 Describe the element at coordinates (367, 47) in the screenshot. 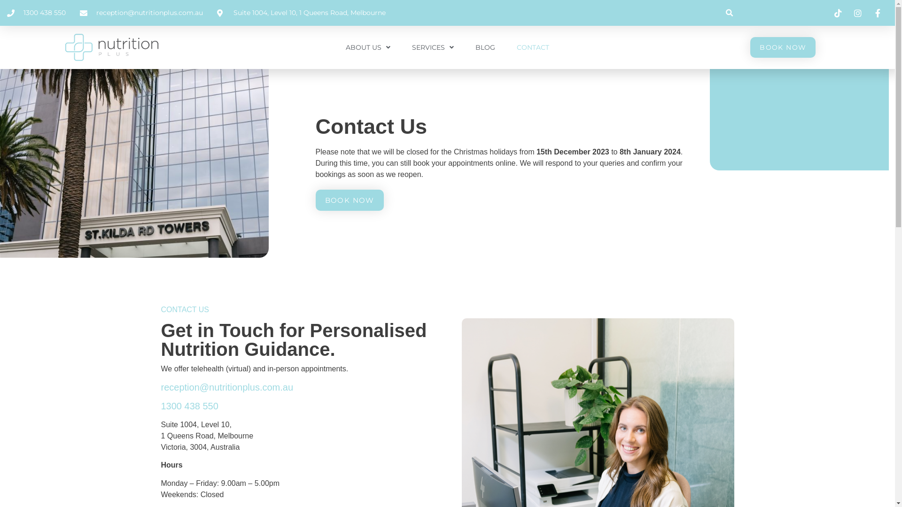

I see `'ABOUT US'` at that location.